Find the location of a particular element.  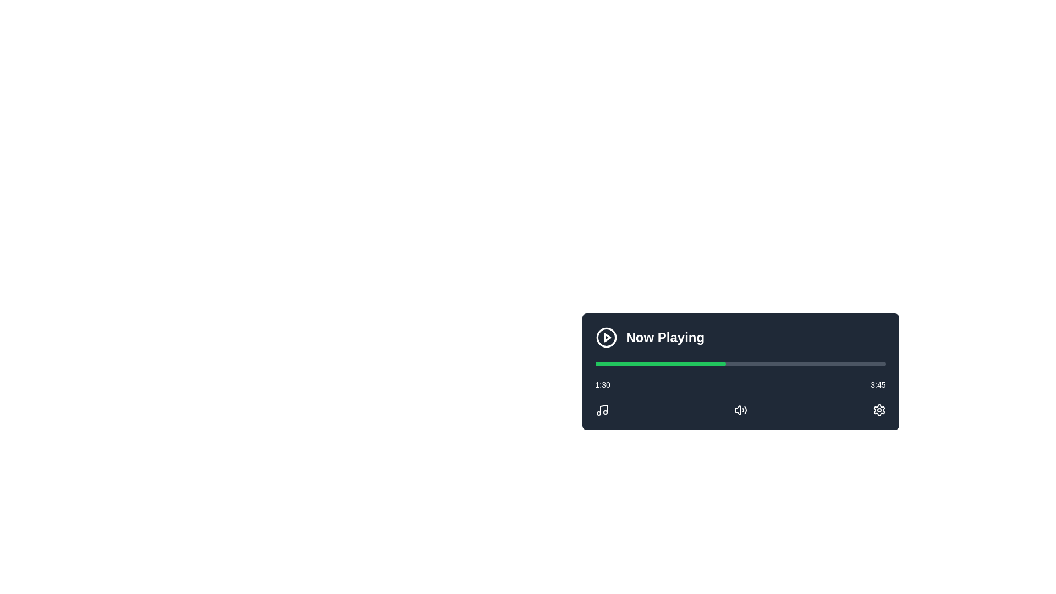

the timestamp displayed in the 'Now Playing' card to jump to the corresponding playback time is located at coordinates (740, 384).